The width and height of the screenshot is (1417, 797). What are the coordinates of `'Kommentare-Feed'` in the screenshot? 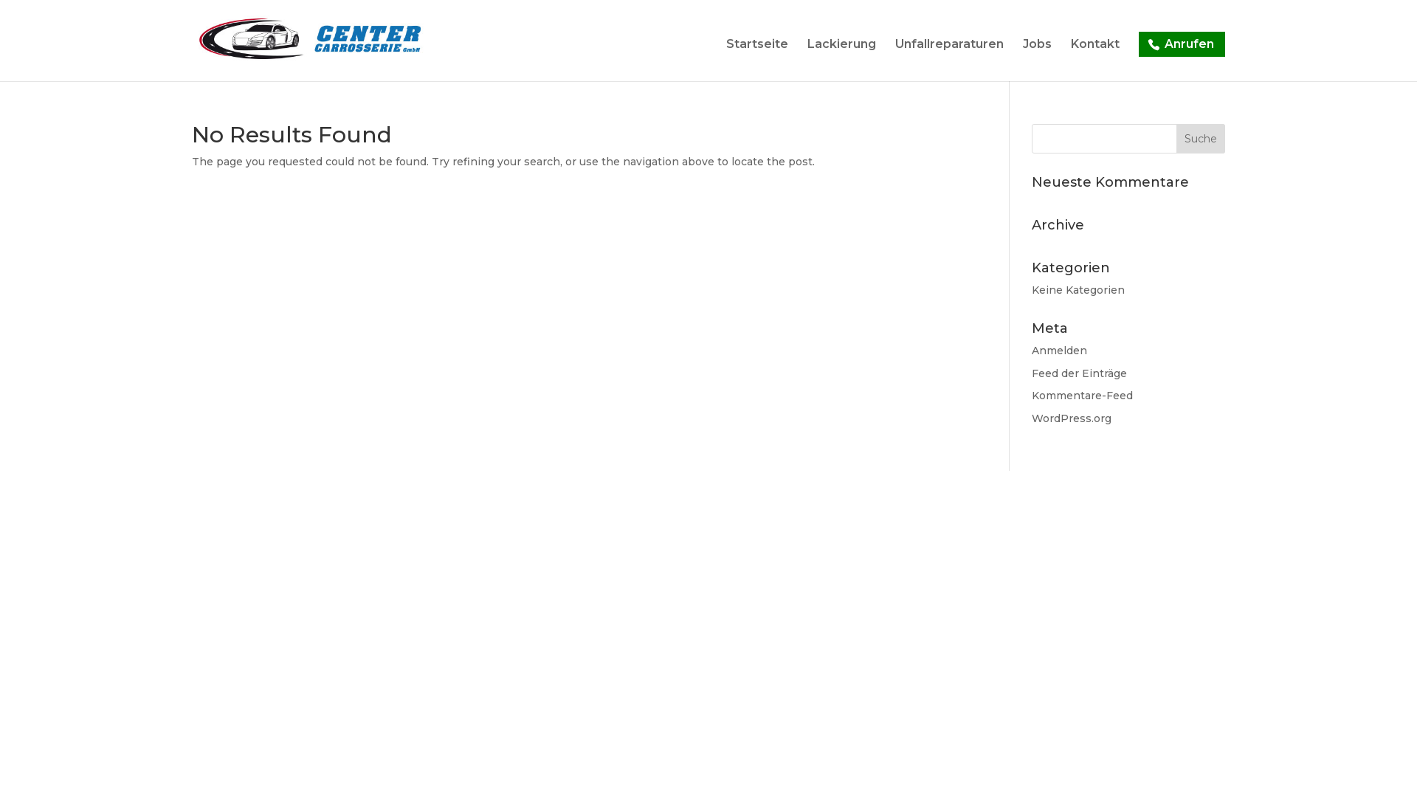 It's located at (1082, 395).